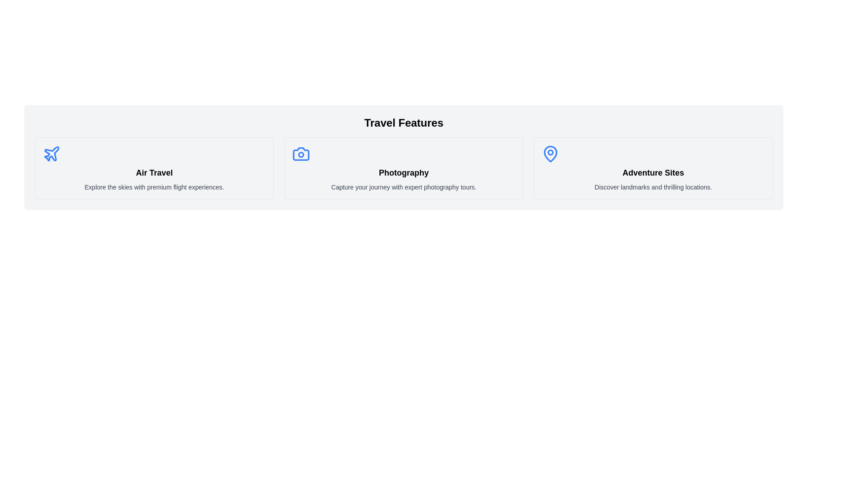 This screenshot has width=863, height=485. Describe the element at coordinates (653, 173) in the screenshot. I see `text displayed in the 'Adventure Sites' label, which is styled in bold and located in the rightmost card section, positioned below the map pin icon and above the description paragraph` at that location.